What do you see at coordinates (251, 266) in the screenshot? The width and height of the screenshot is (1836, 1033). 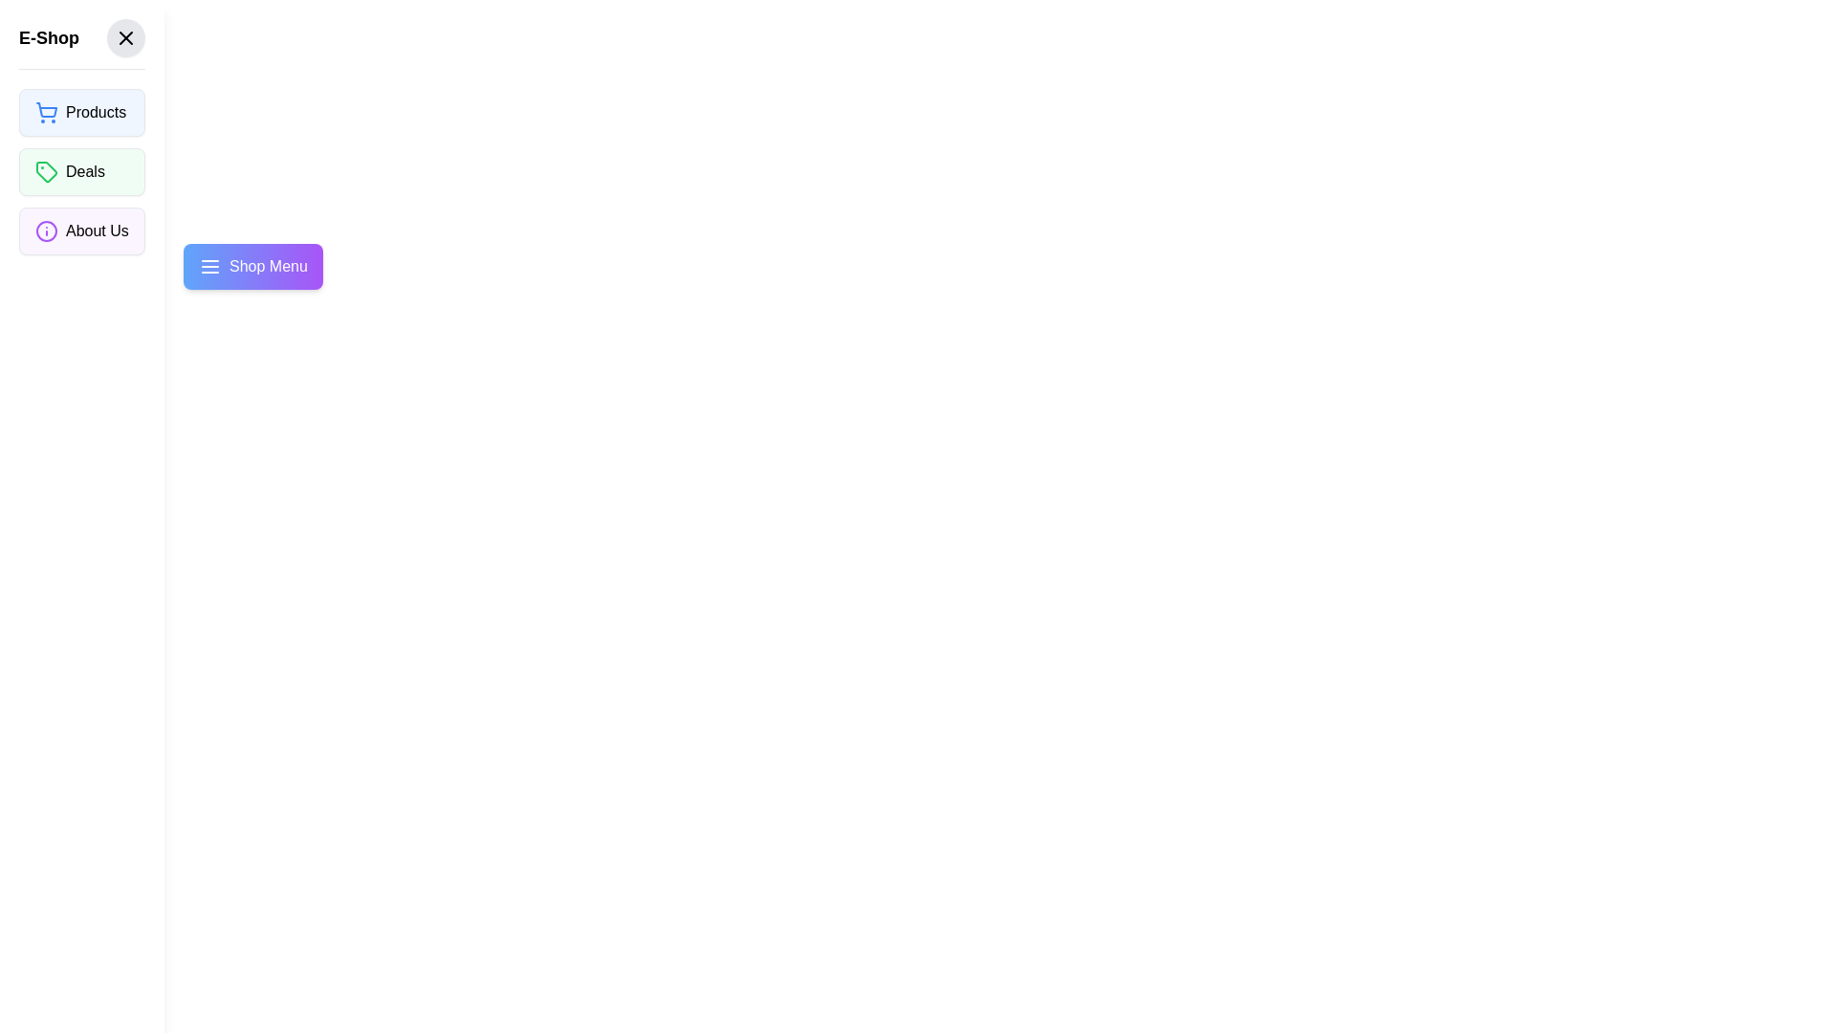 I see `the 'Shop Menu' button to inspect it` at bounding box center [251, 266].